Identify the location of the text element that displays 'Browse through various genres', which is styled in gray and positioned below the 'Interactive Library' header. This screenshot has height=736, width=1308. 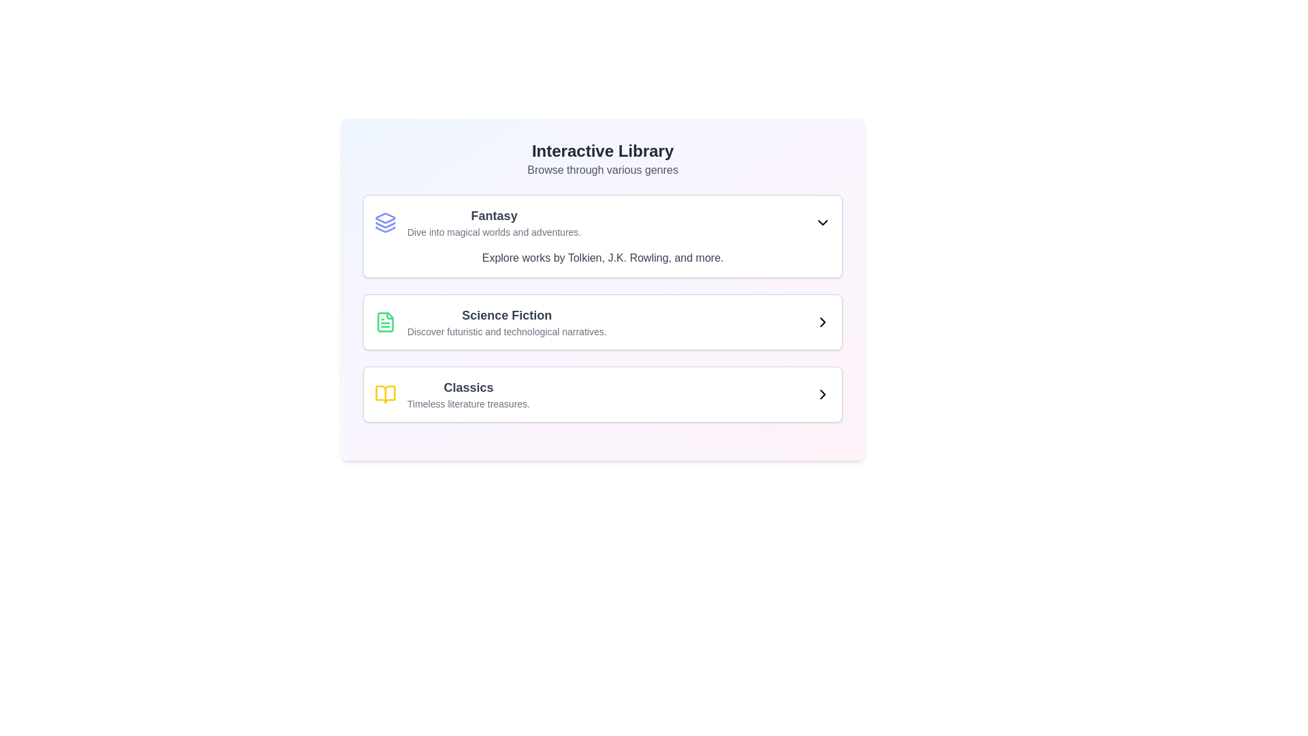
(602, 170).